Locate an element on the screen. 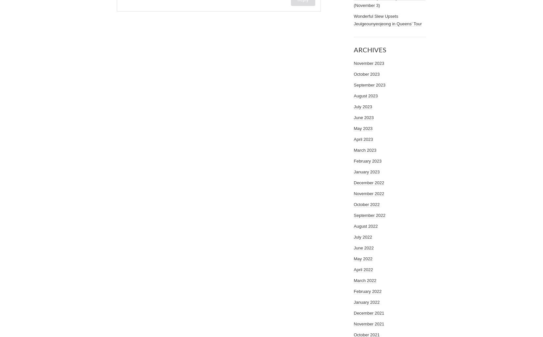 This screenshot has width=543, height=337. 'November 2021' is located at coordinates (369, 324).